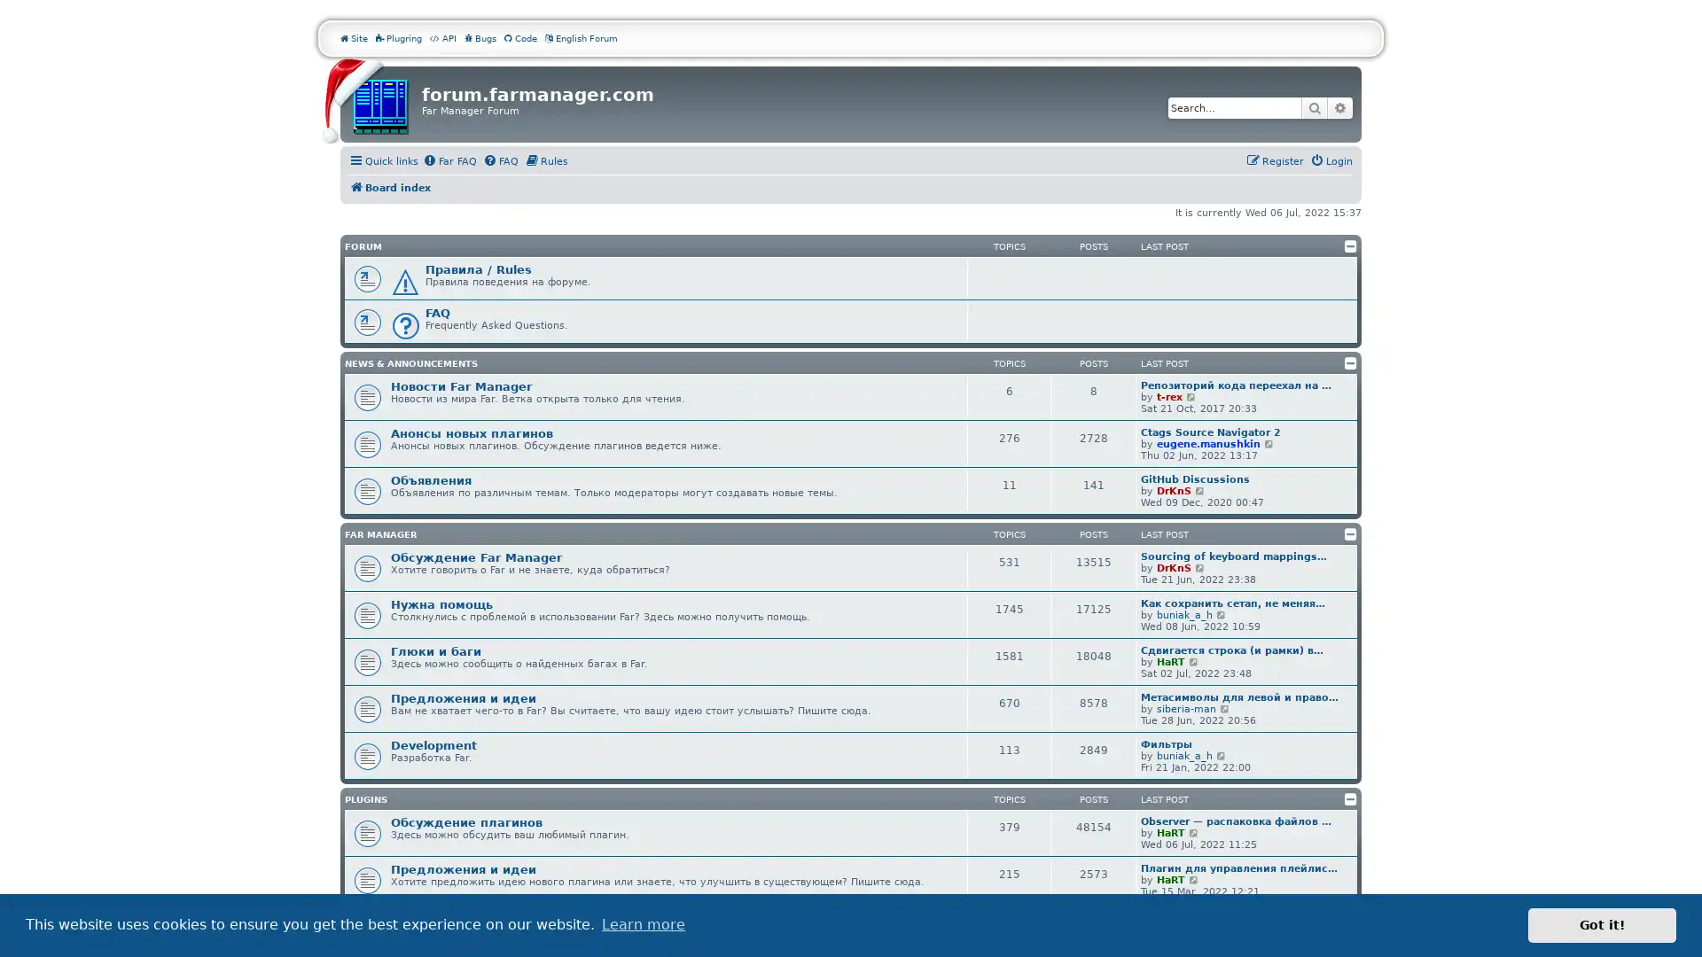 The width and height of the screenshot is (1702, 957). Describe the element at coordinates (1315, 108) in the screenshot. I see `Search` at that location.